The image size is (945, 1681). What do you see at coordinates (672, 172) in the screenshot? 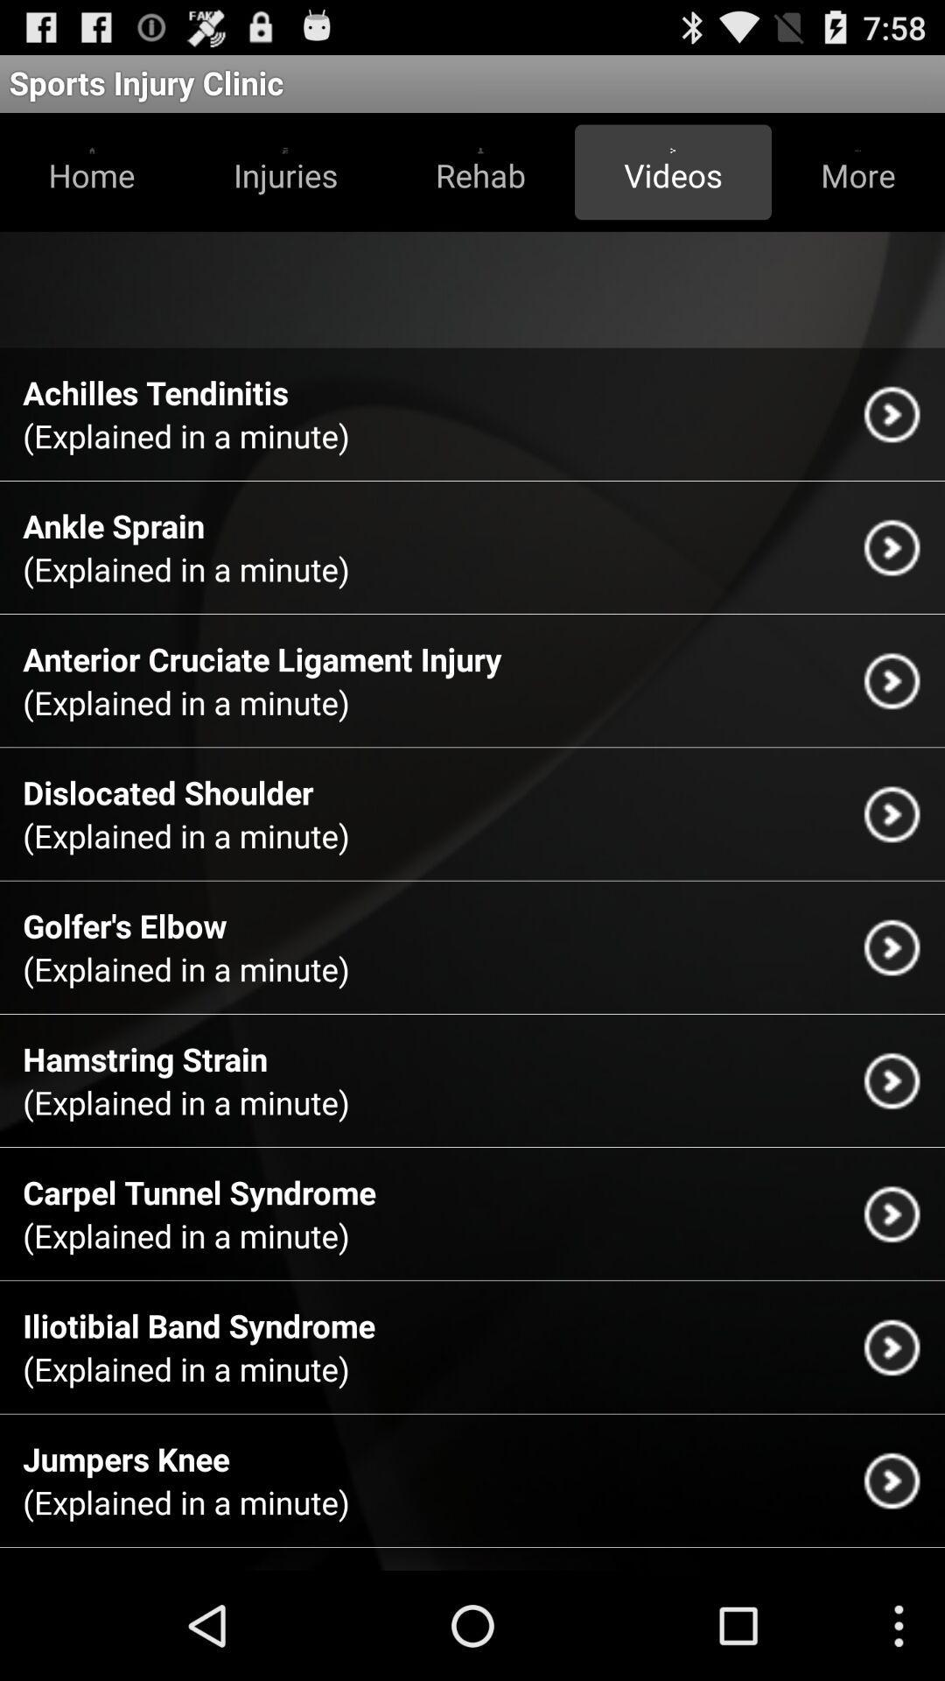
I see `videos item` at bounding box center [672, 172].